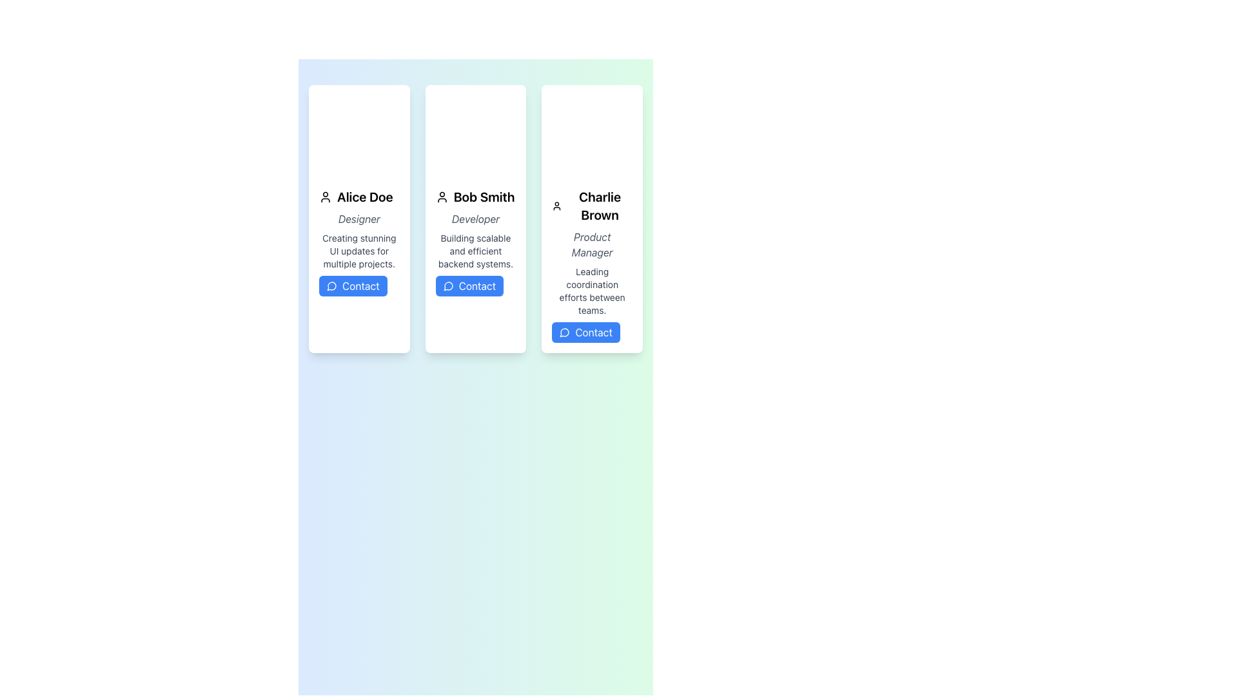  I want to click on the text display element showing 'Bob Smith' which is styled in bold and enlarged font, located above the description labeled 'Developer', so click(475, 197).